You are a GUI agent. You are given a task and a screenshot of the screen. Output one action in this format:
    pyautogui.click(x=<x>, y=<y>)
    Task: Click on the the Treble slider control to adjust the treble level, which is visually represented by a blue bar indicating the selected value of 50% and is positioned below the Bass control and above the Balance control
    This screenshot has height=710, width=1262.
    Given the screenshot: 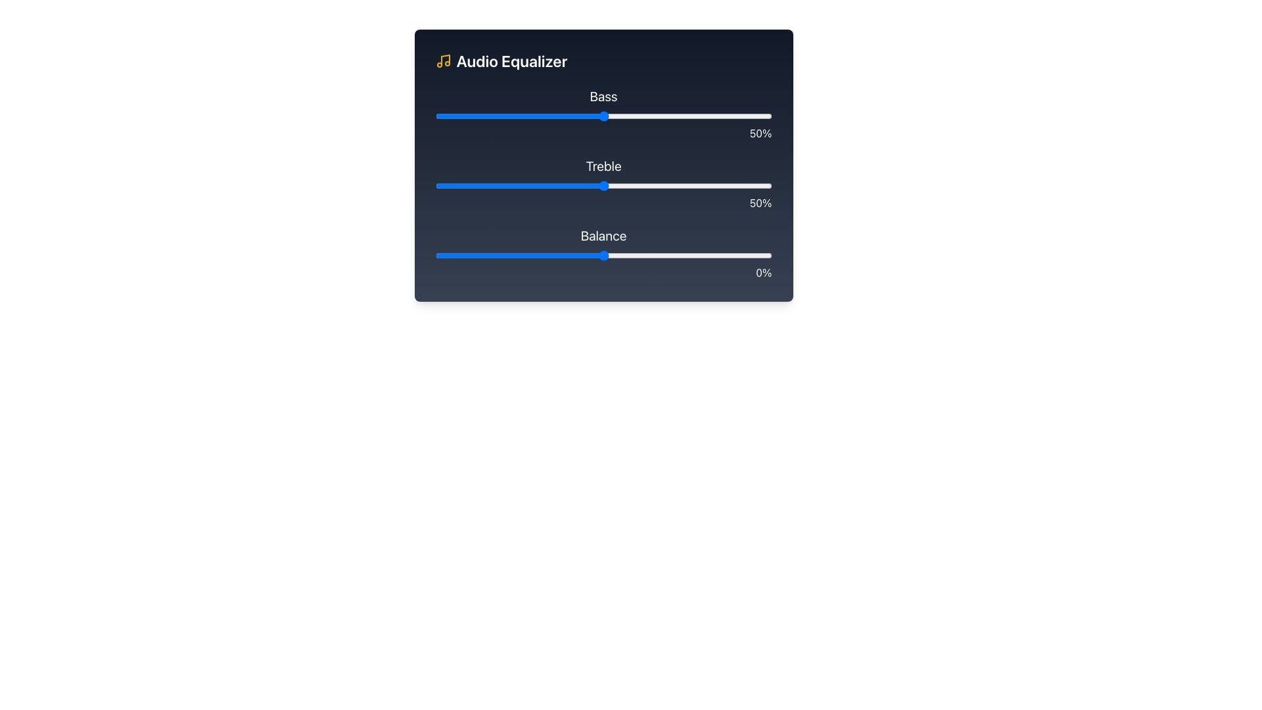 What is the action you would take?
    pyautogui.click(x=603, y=184)
    